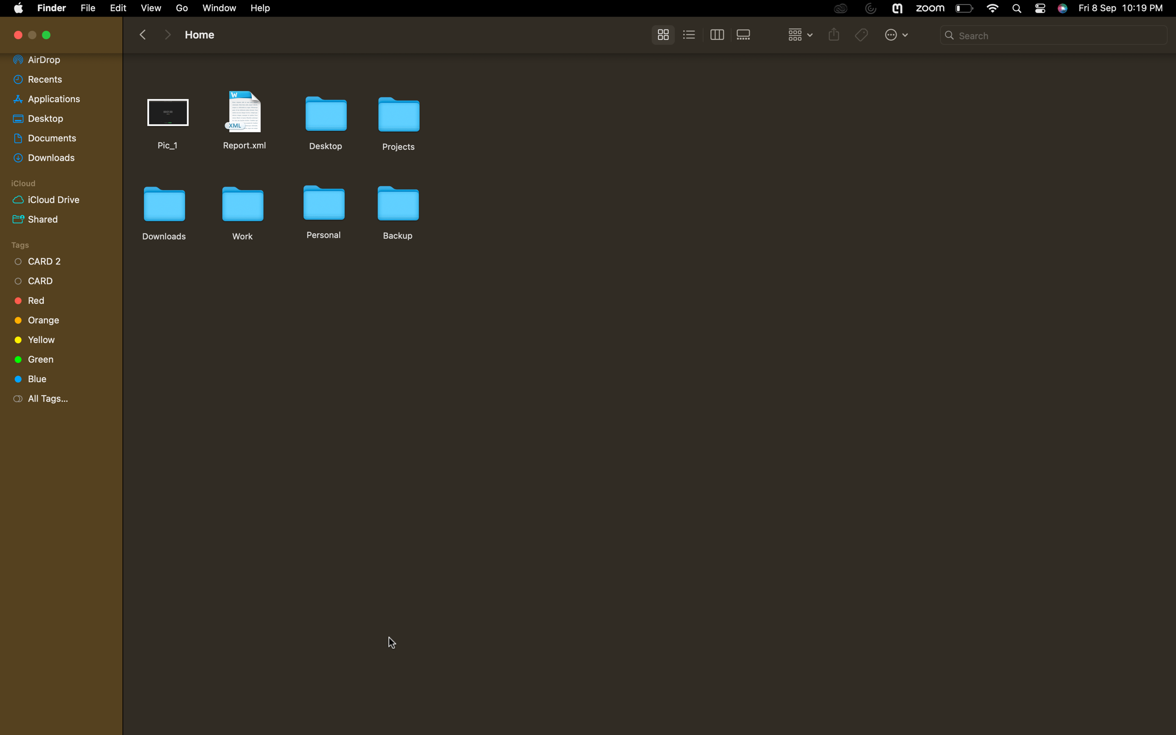  Describe the element at coordinates (1055, 35) in the screenshot. I see `Search for "report" in the current folder` at that location.